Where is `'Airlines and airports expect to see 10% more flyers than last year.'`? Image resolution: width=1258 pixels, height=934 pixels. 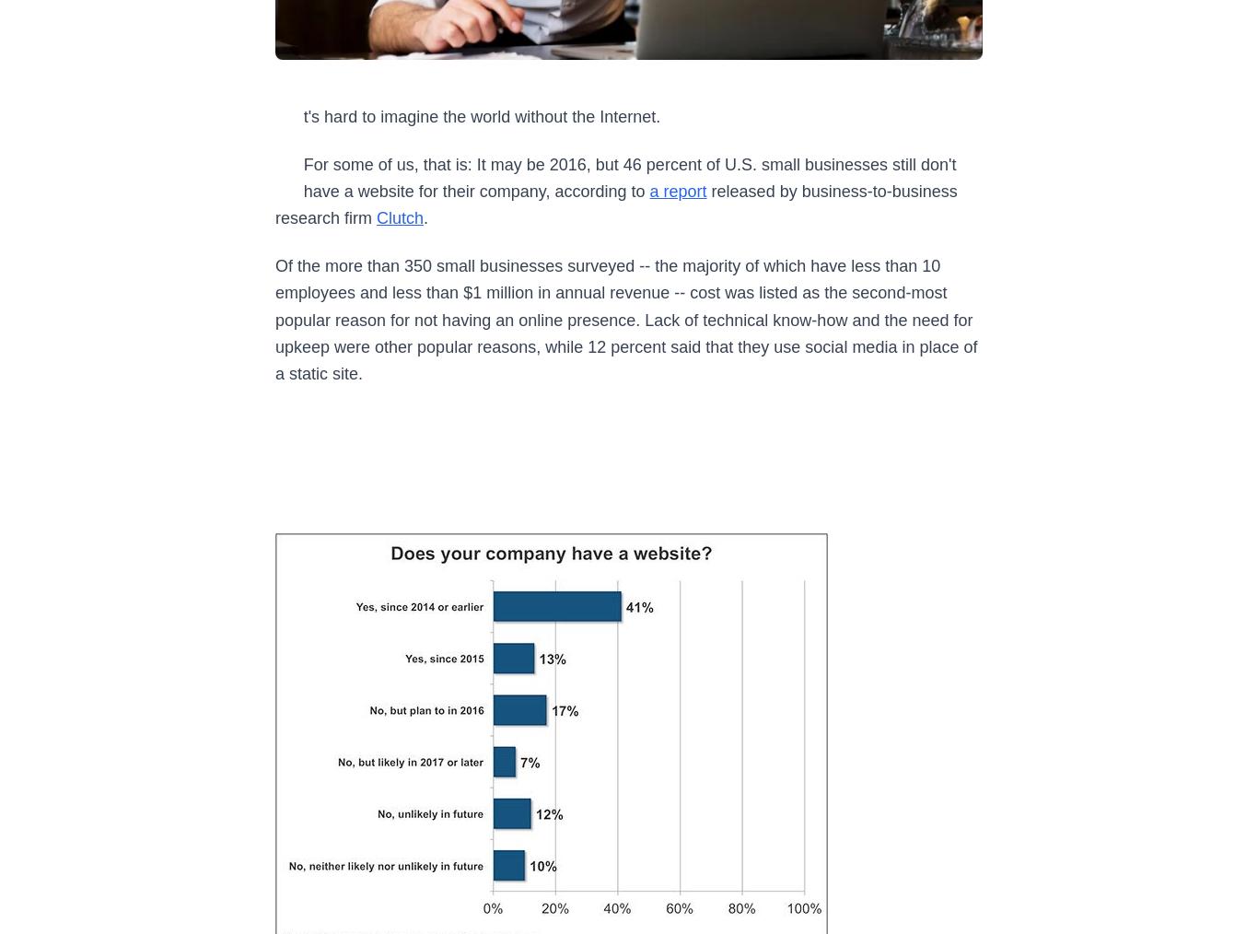
'Airlines and airports expect to see 10% more flyers than last year.' is located at coordinates (483, 167).